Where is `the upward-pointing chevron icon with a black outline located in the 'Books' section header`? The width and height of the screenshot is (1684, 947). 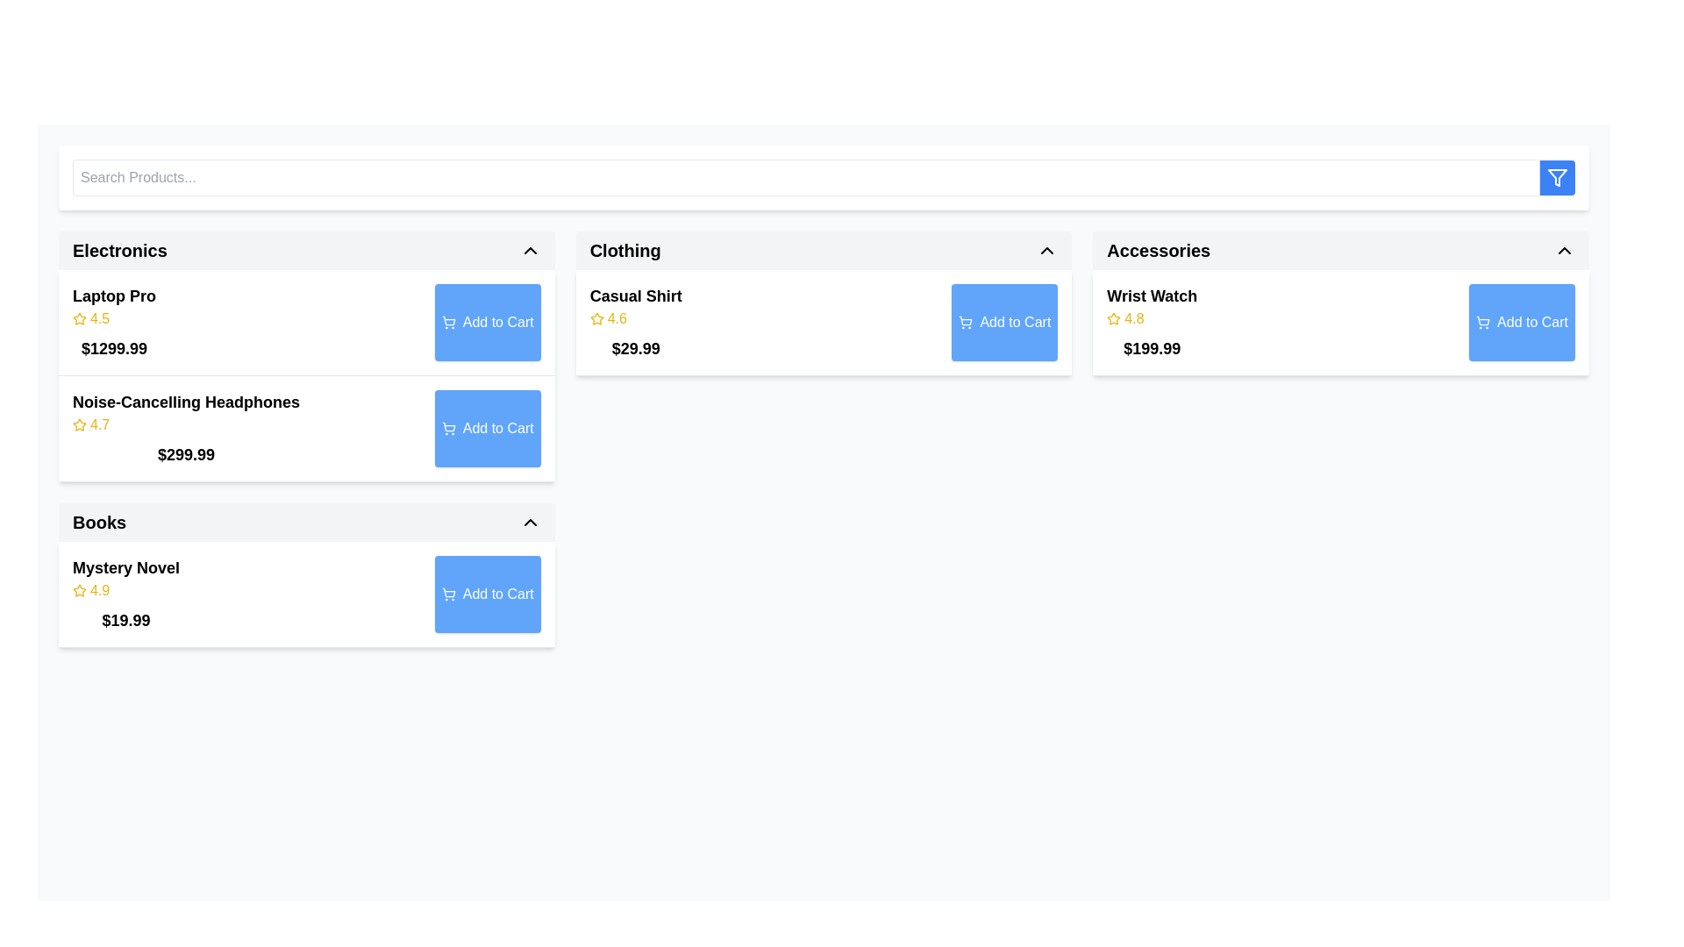 the upward-pointing chevron icon with a black outline located in the 'Books' section header is located at coordinates (529, 522).